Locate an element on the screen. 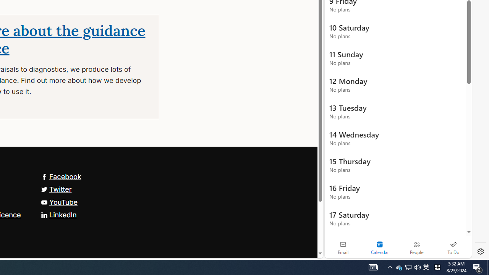 This screenshot has height=275, width=489. 'Email' is located at coordinates (343, 247).